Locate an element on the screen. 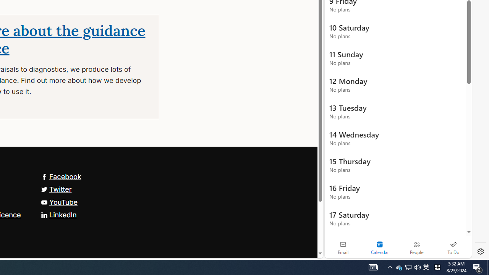 This screenshot has height=275, width=489. 'Email' is located at coordinates (343, 247).